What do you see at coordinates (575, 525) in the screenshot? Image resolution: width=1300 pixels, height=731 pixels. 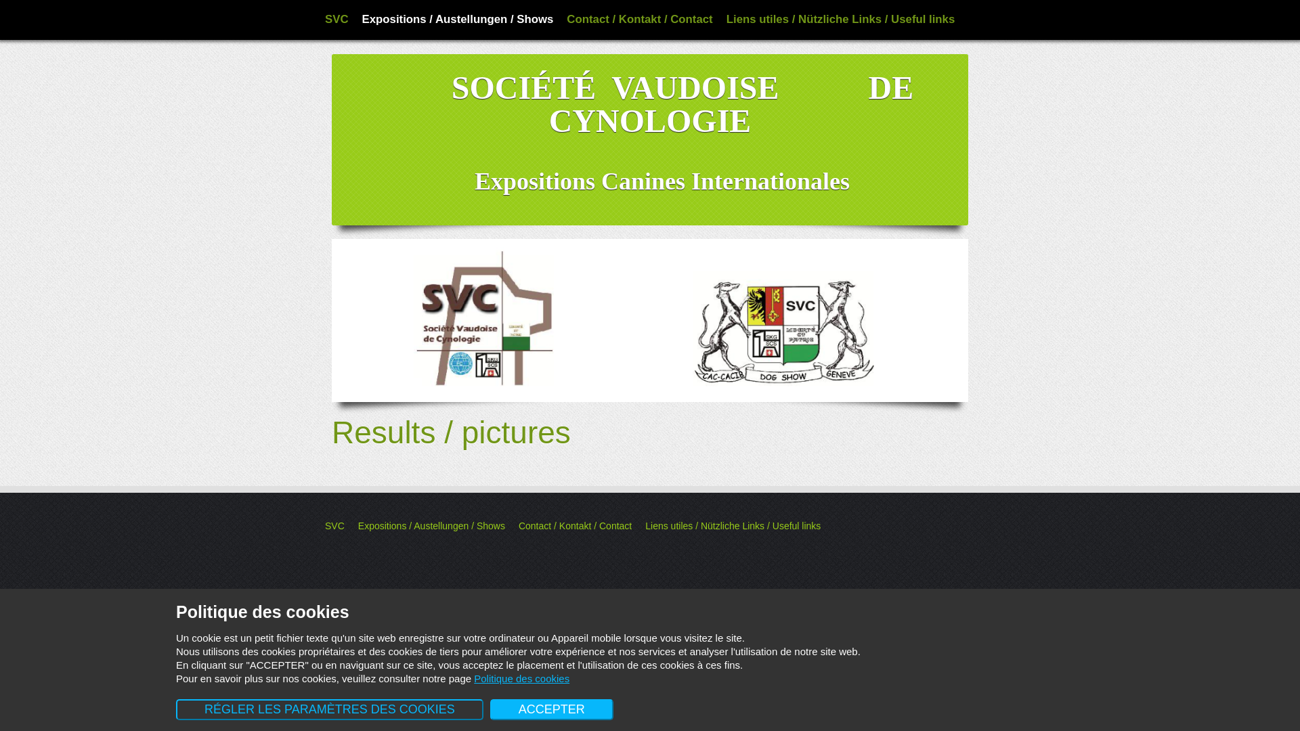 I see `'Contact / Kontakt / Contact'` at bounding box center [575, 525].